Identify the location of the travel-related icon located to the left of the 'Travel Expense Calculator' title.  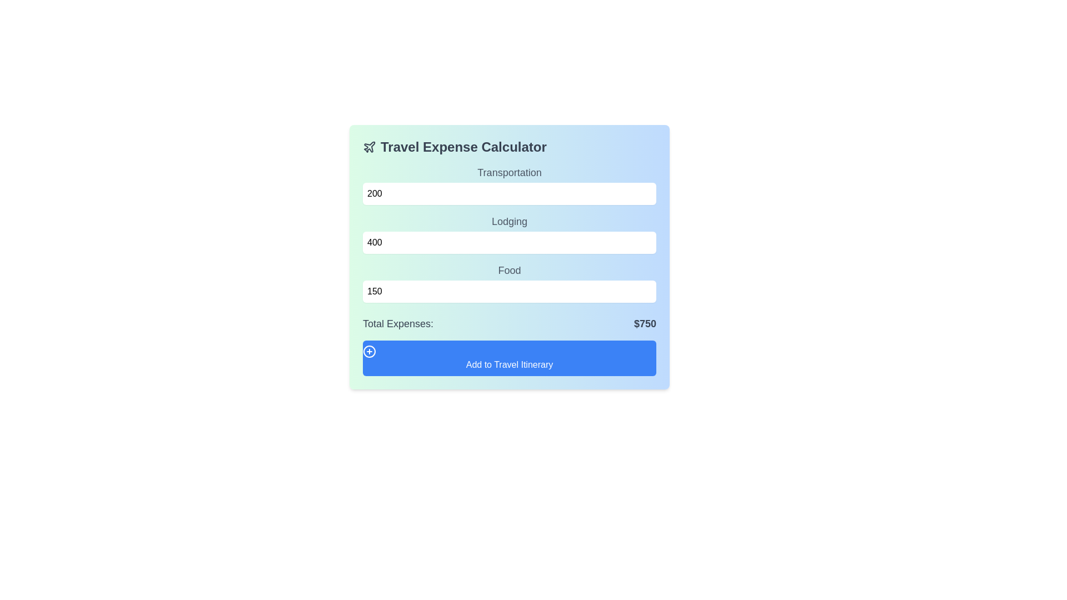
(370, 146).